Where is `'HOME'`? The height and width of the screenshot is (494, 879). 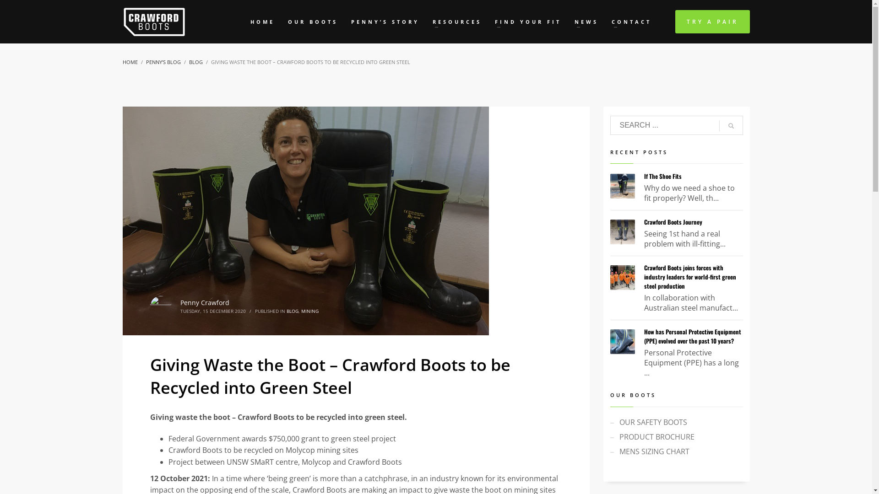 'HOME' is located at coordinates (244, 21).